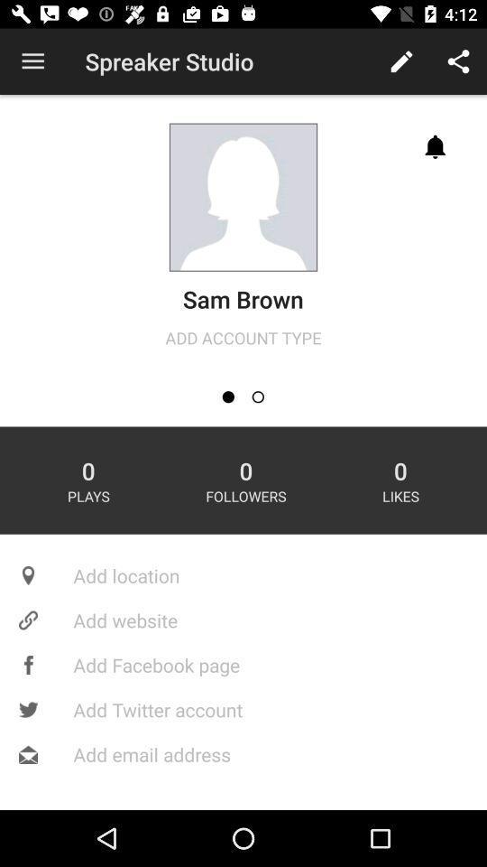  I want to click on item above add twitter account, so click(243, 664).